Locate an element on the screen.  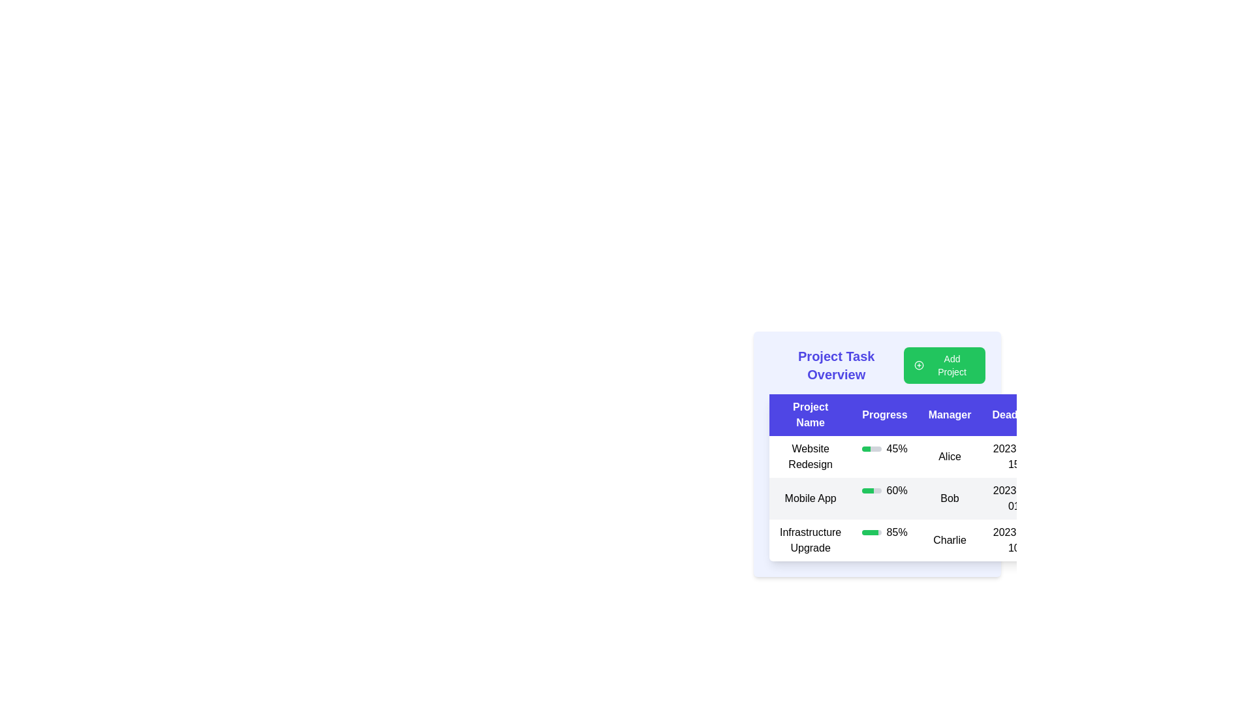
the table rows in the 'Project Task Overview' card layout to potentially edit or review details is located at coordinates (877, 488).